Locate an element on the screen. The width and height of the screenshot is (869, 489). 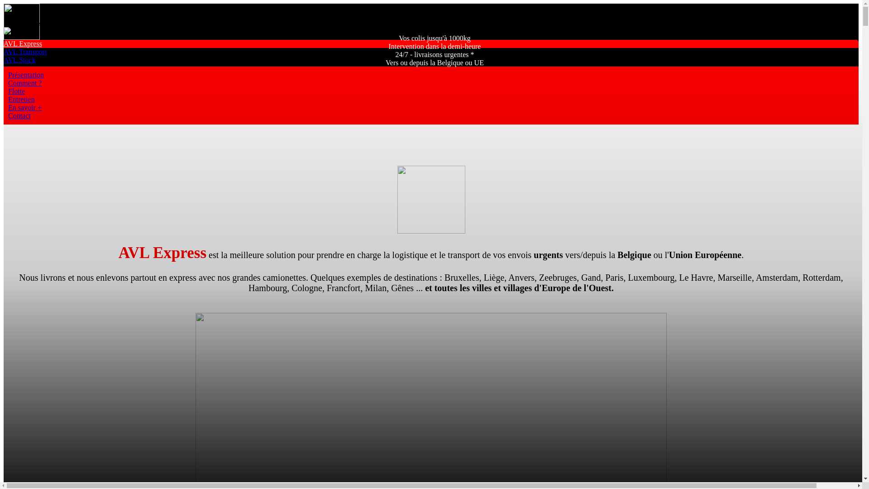
'Comment ?' is located at coordinates (8, 83).